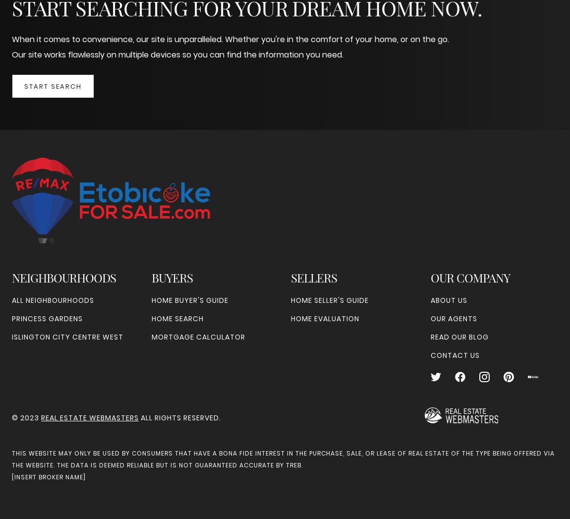 The height and width of the screenshot is (519, 570). Describe the element at coordinates (11, 417) in the screenshot. I see `'© 2023'` at that location.